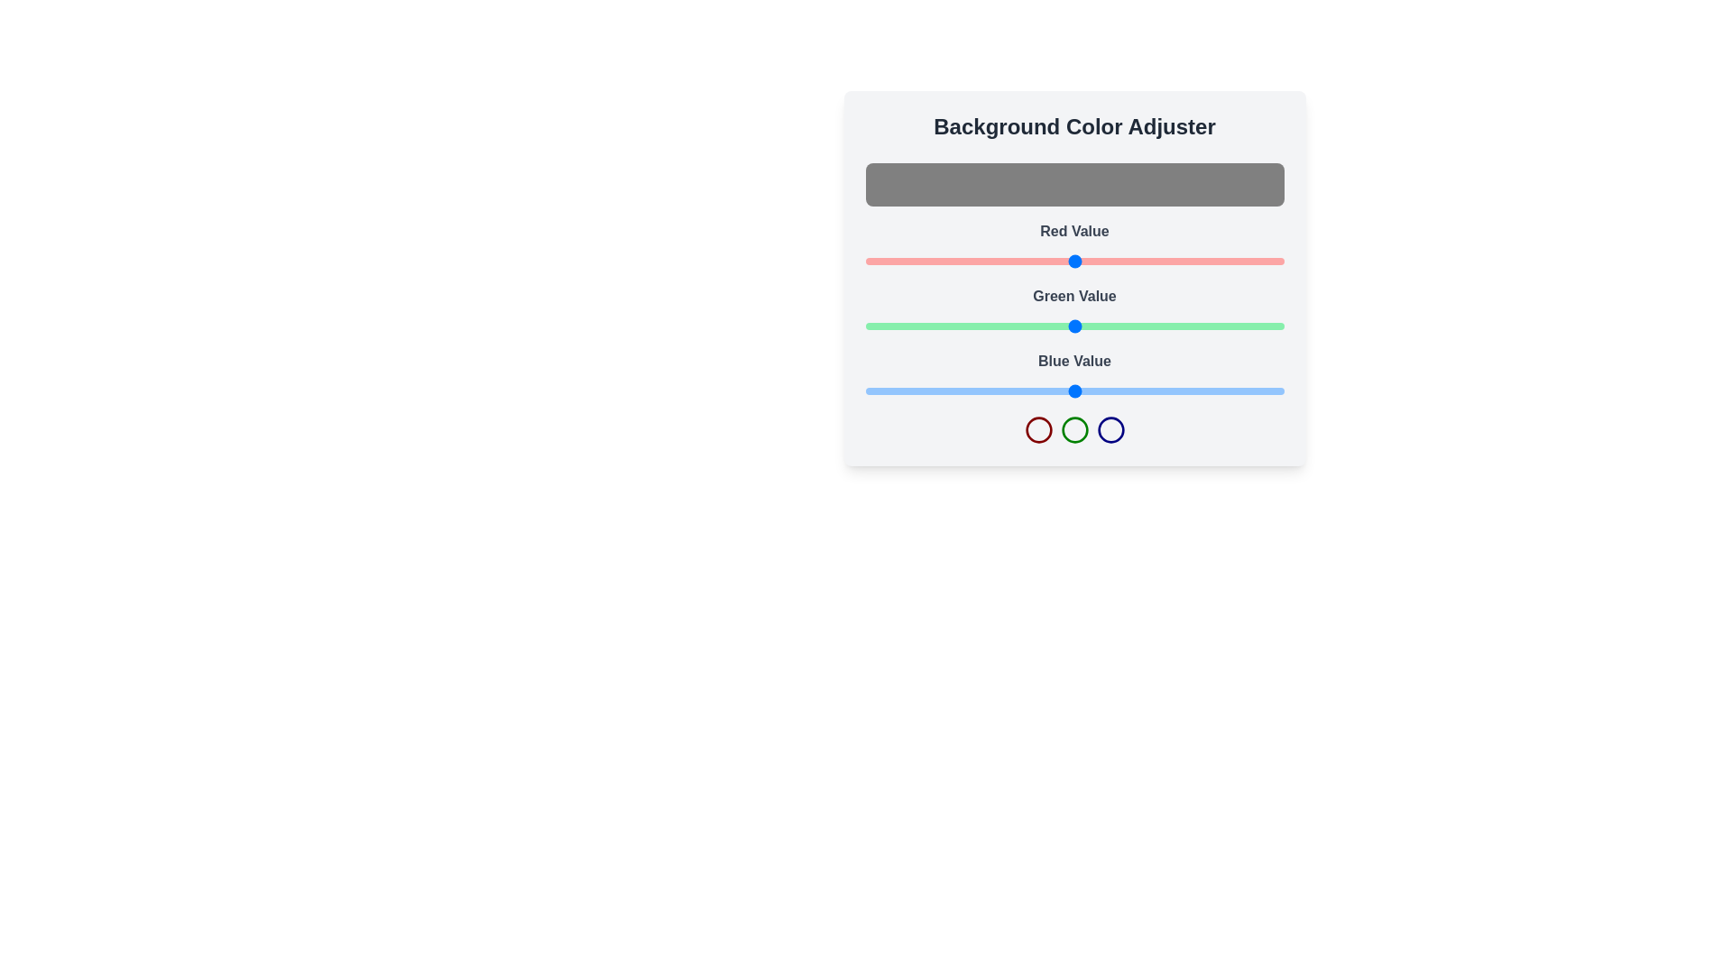 The width and height of the screenshot is (1732, 974). I want to click on the red color slider to set the red component to 121, so click(1064, 261).